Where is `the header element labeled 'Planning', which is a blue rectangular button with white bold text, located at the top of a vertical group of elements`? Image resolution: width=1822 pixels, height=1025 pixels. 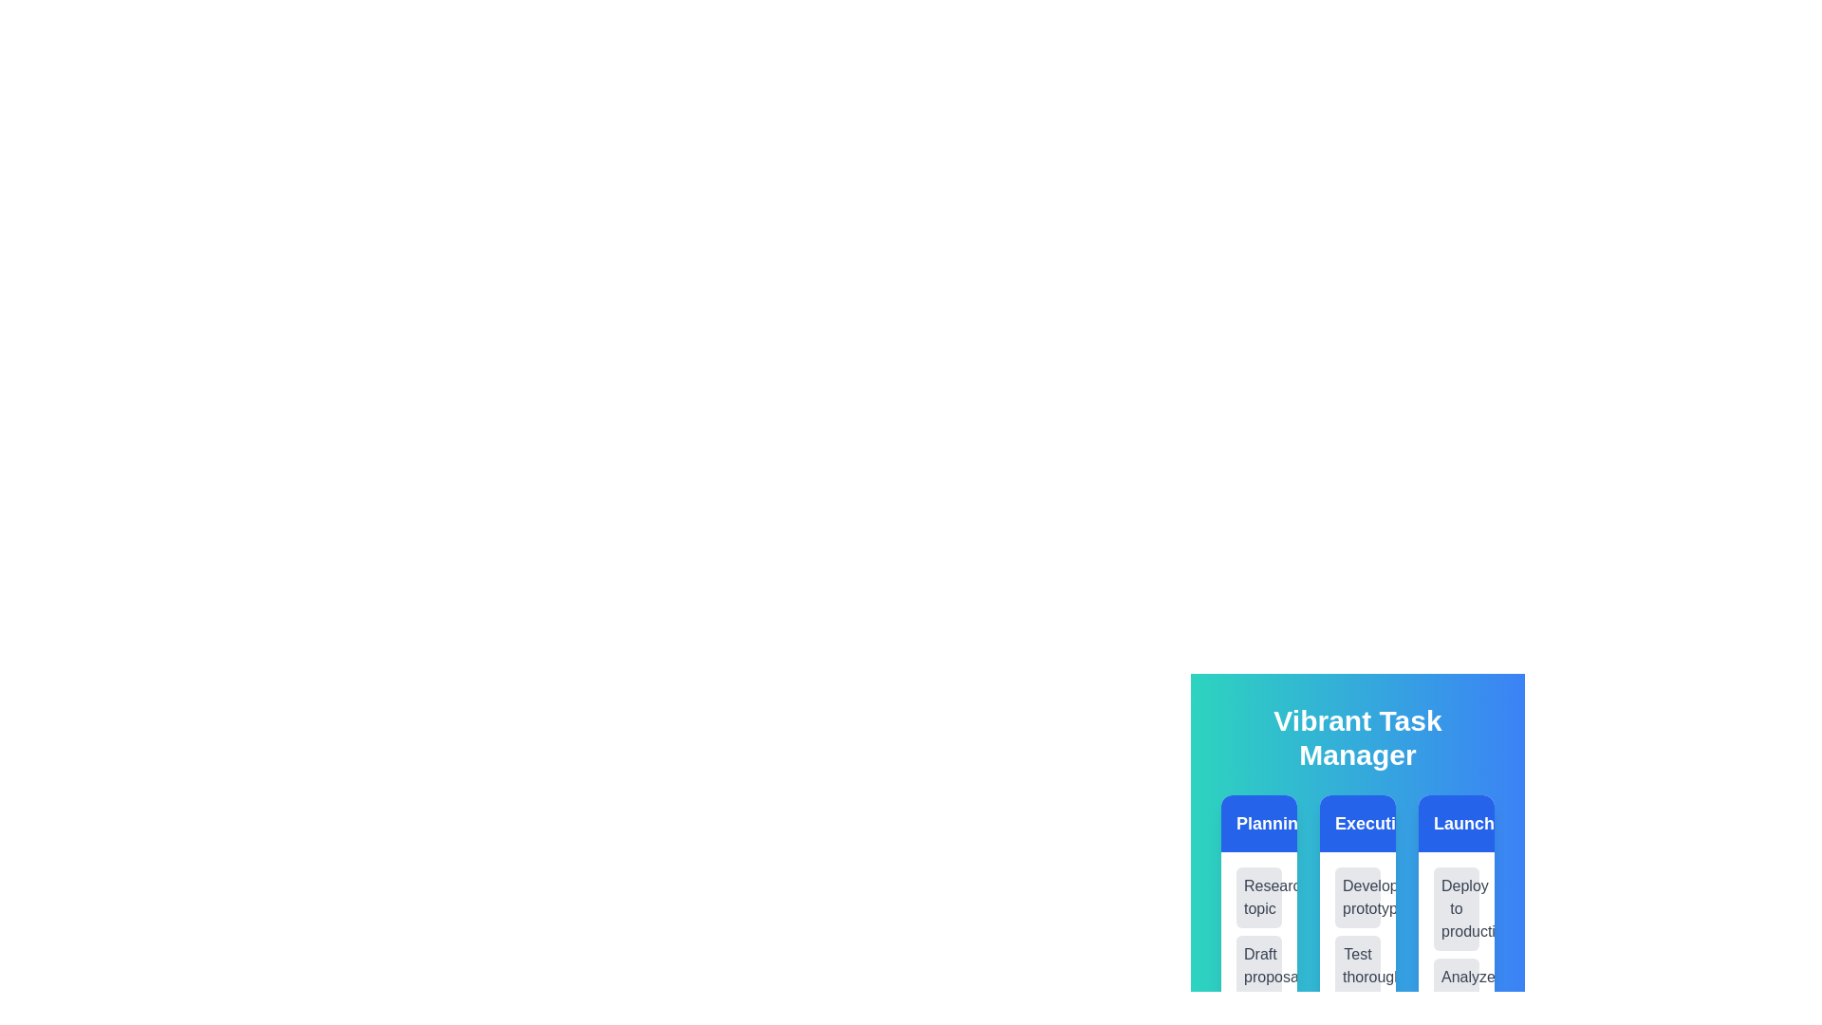 the header element labeled 'Planning', which is a blue rectangular button with white bold text, located at the top of a vertical group of elements is located at coordinates (1258, 822).